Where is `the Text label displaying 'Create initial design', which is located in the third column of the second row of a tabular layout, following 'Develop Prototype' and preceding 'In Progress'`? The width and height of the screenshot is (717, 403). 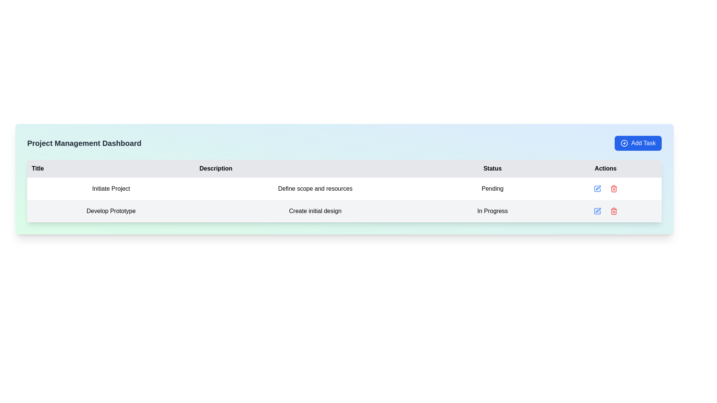 the Text label displaying 'Create initial design', which is located in the third column of the second row of a tabular layout, following 'Develop Prototype' and preceding 'In Progress' is located at coordinates (315, 211).